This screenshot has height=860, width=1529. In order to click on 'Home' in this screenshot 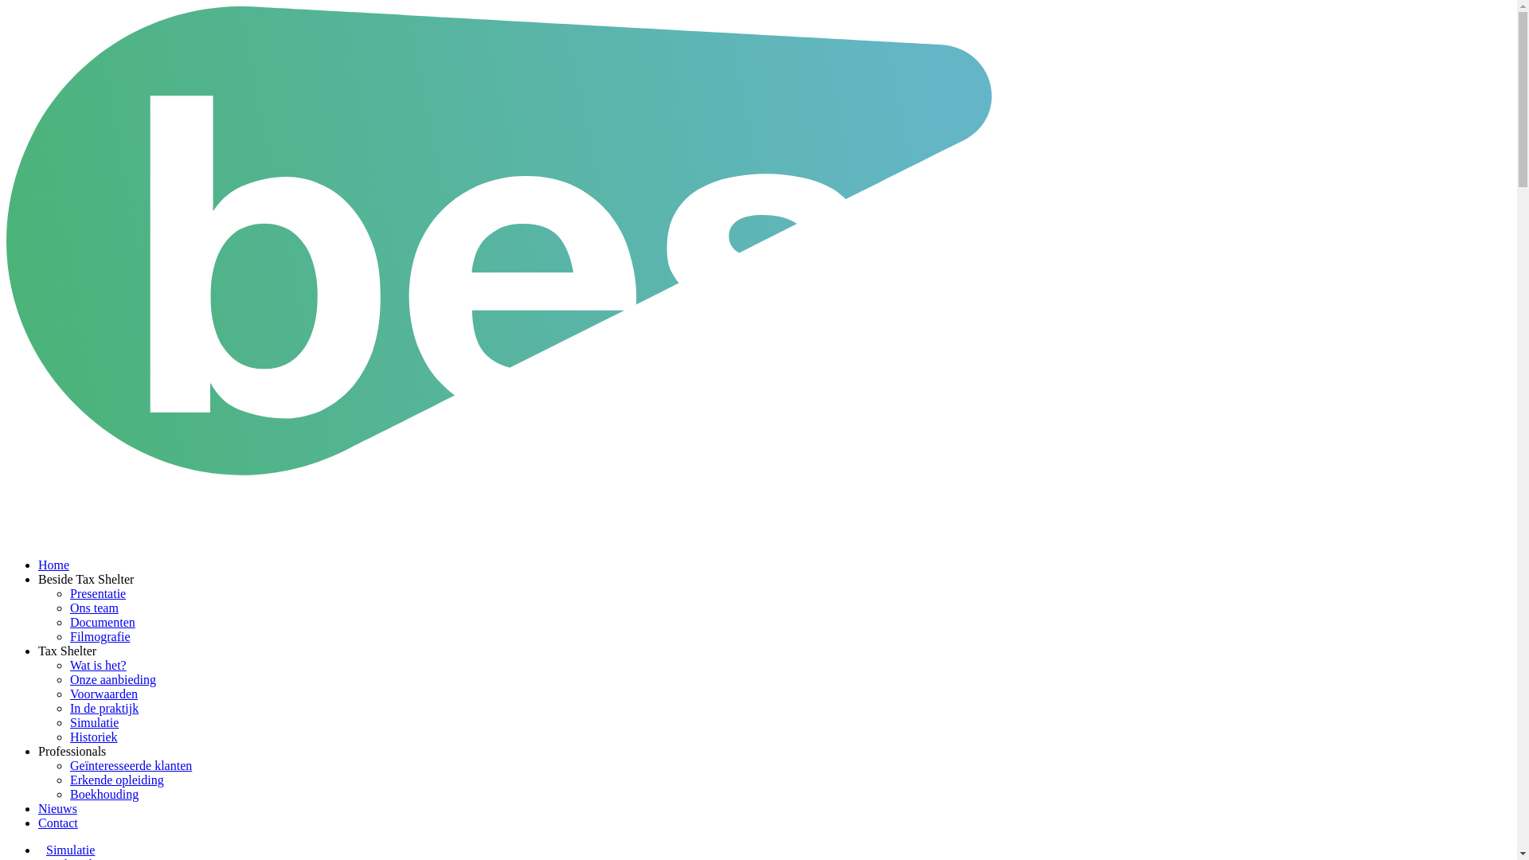, I will do `click(38, 564)`.